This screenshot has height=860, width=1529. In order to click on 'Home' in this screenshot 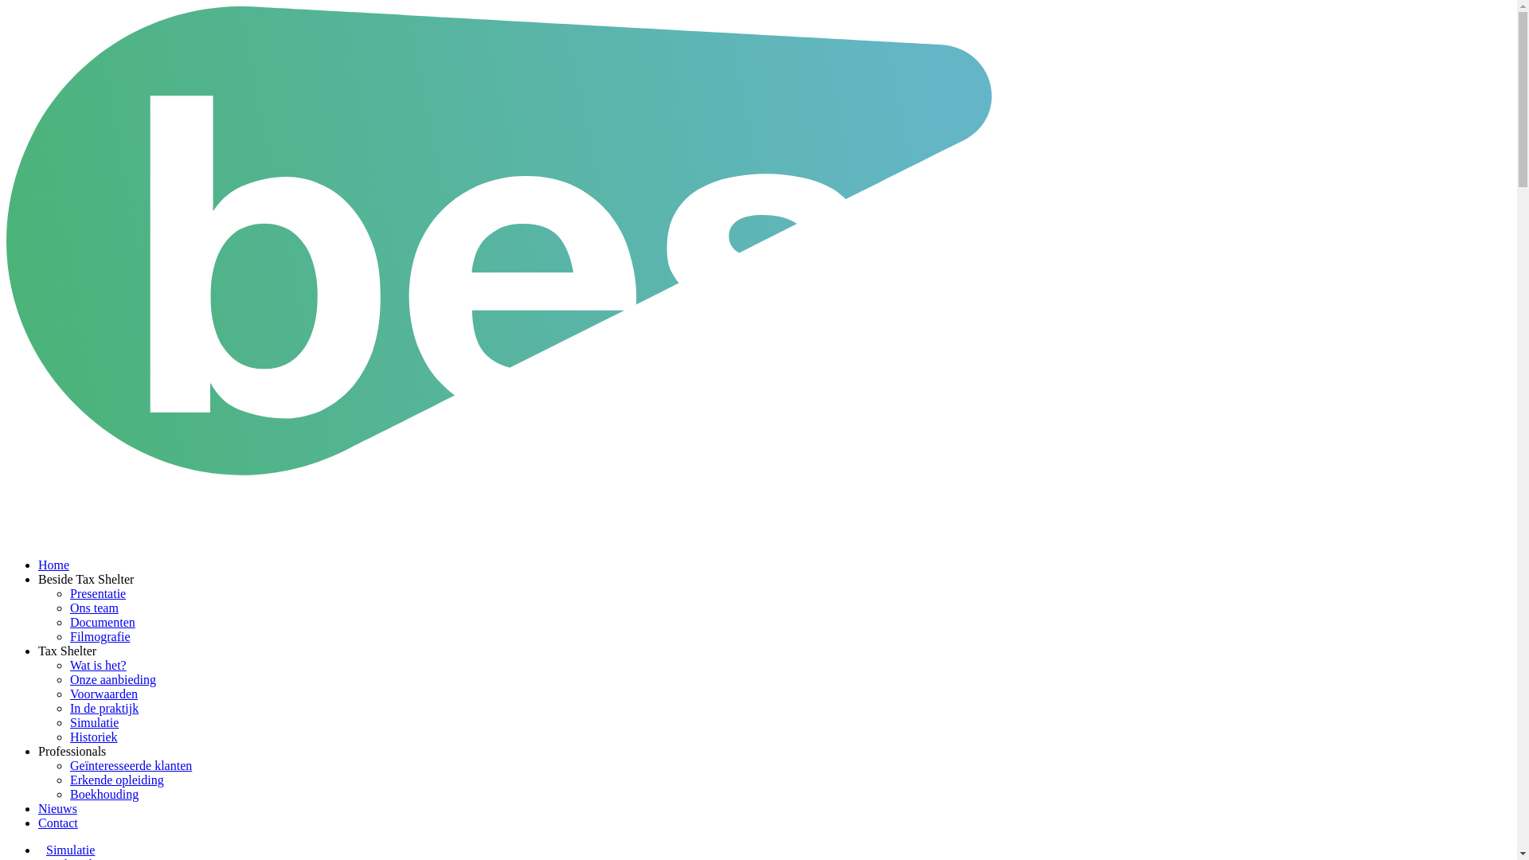, I will do `click(38, 564)`.